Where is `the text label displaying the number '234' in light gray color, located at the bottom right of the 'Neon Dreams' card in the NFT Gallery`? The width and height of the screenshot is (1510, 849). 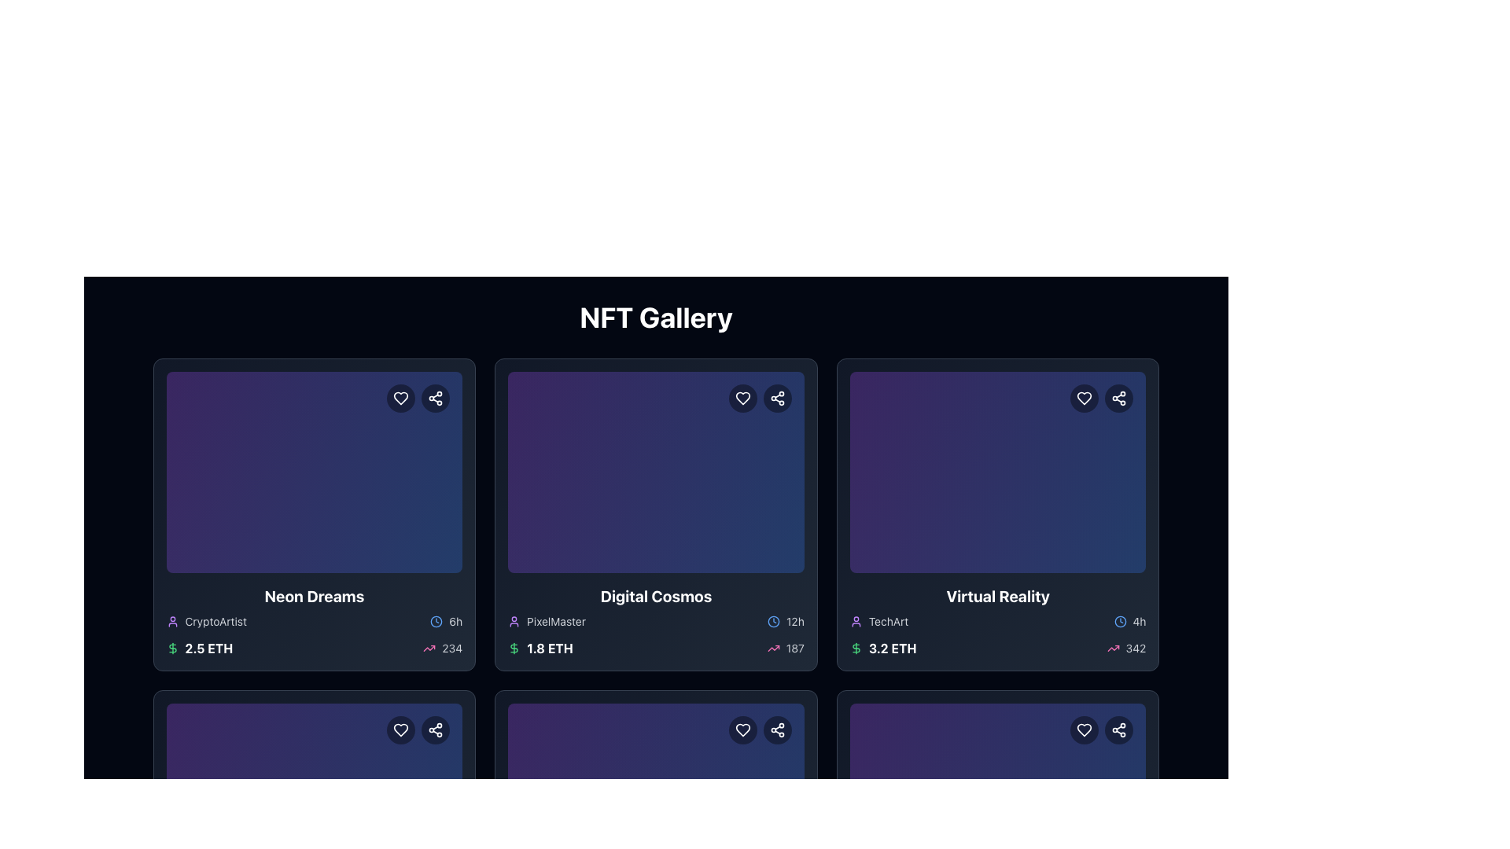
the text label displaying the number '234' in light gray color, located at the bottom right of the 'Neon Dreams' card in the NFT Gallery is located at coordinates (451, 649).